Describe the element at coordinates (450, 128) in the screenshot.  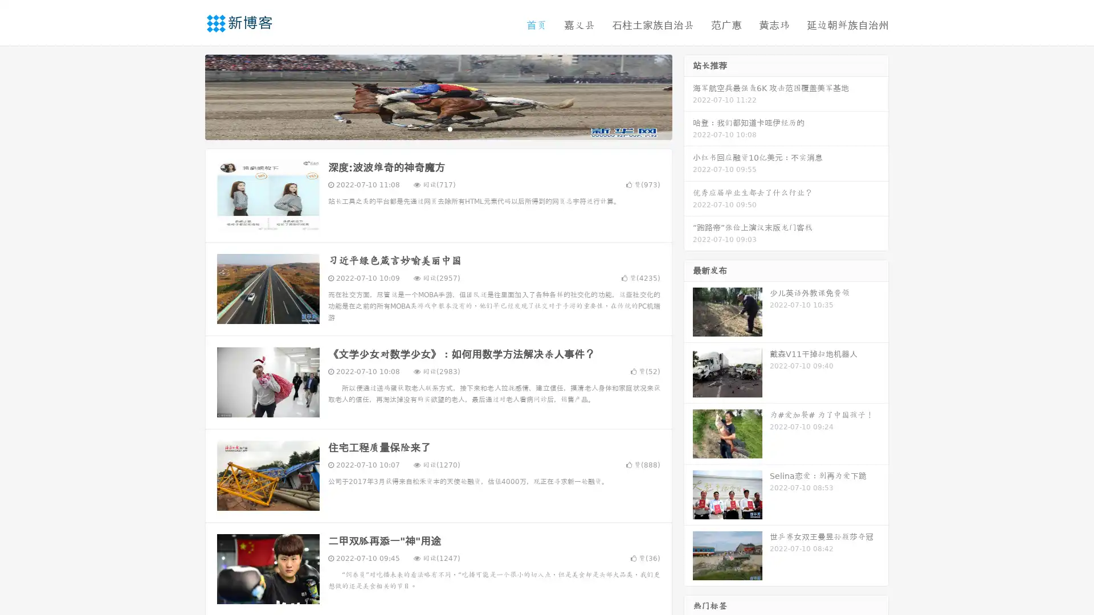
I see `Go to slide 3` at that location.